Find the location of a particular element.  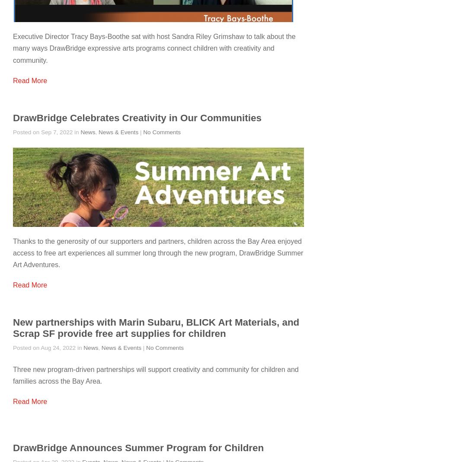

'Posted 					
														on Sep 7, 2022							in' is located at coordinates (47, 132).